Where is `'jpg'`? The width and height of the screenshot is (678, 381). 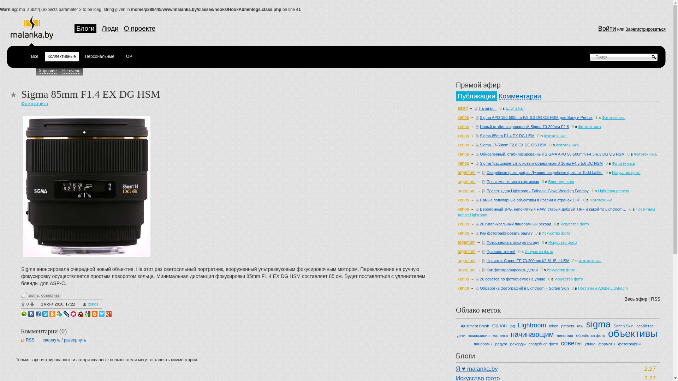 'jpg' is located at coordinates (512, 326).